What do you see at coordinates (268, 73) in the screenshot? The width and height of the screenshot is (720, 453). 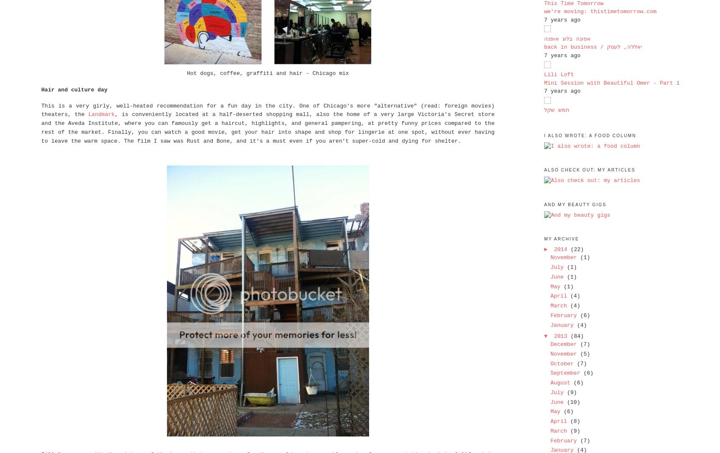 I see `'Hot dogs, coffee, graffiti and hair - Chicago mix'` at bounding box center [268, 73].